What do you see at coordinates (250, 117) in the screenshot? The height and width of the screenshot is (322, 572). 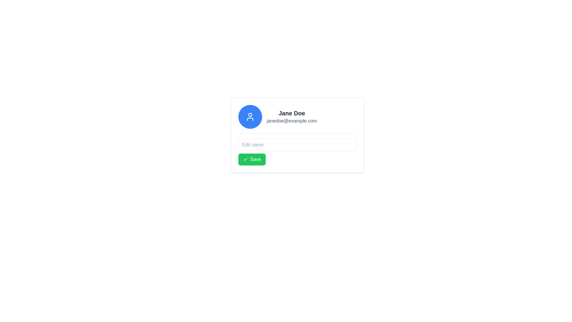 I see `the Circular Avatar Component, which is a blue circular element with a white user icon, located at the top-left corner of the user information card next to 'Jane Doe' and 'janedoe@example.com'` at bounding box center [250, 117].